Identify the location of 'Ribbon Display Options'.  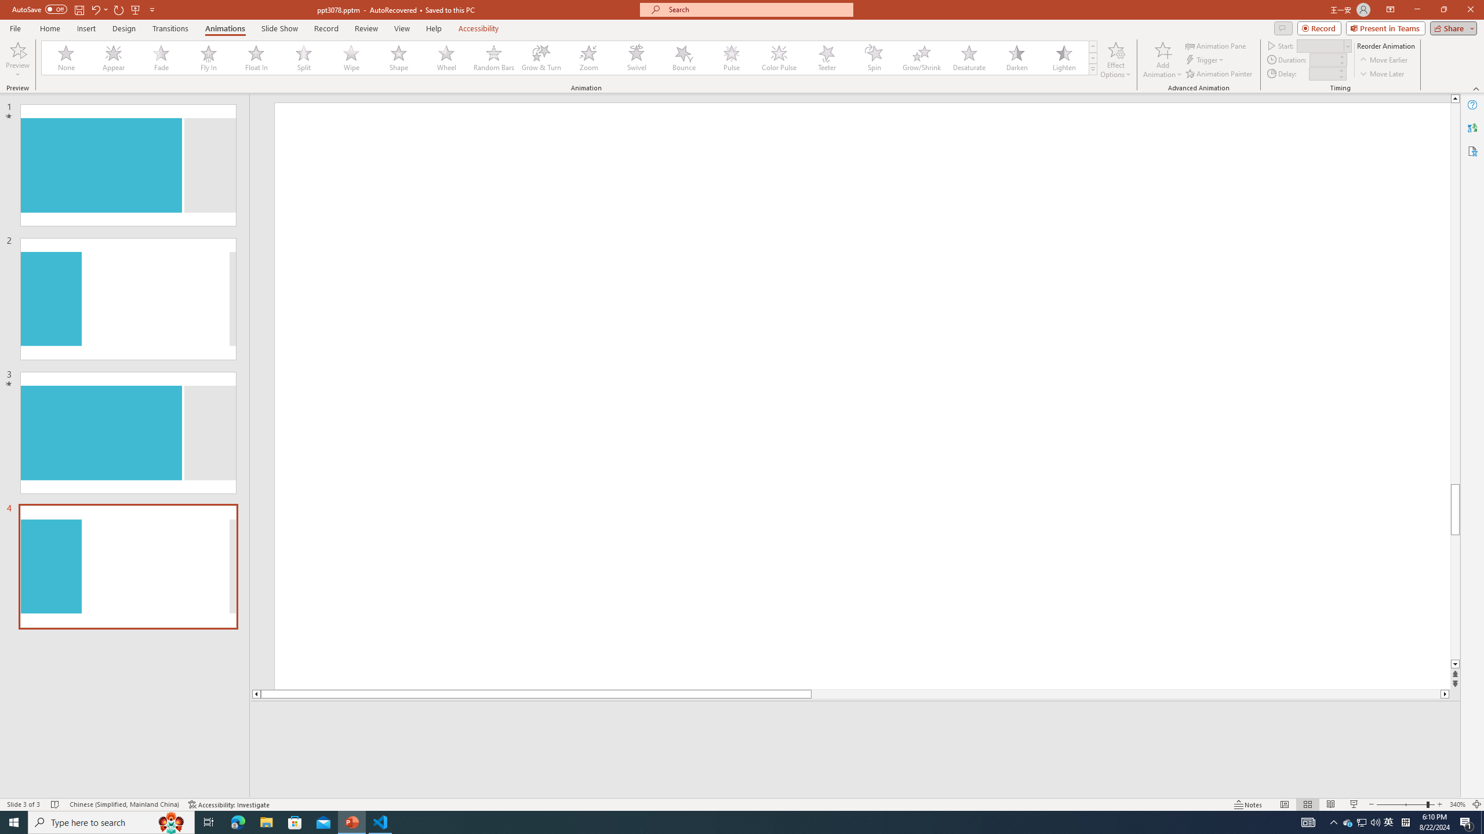
(1390, 9).